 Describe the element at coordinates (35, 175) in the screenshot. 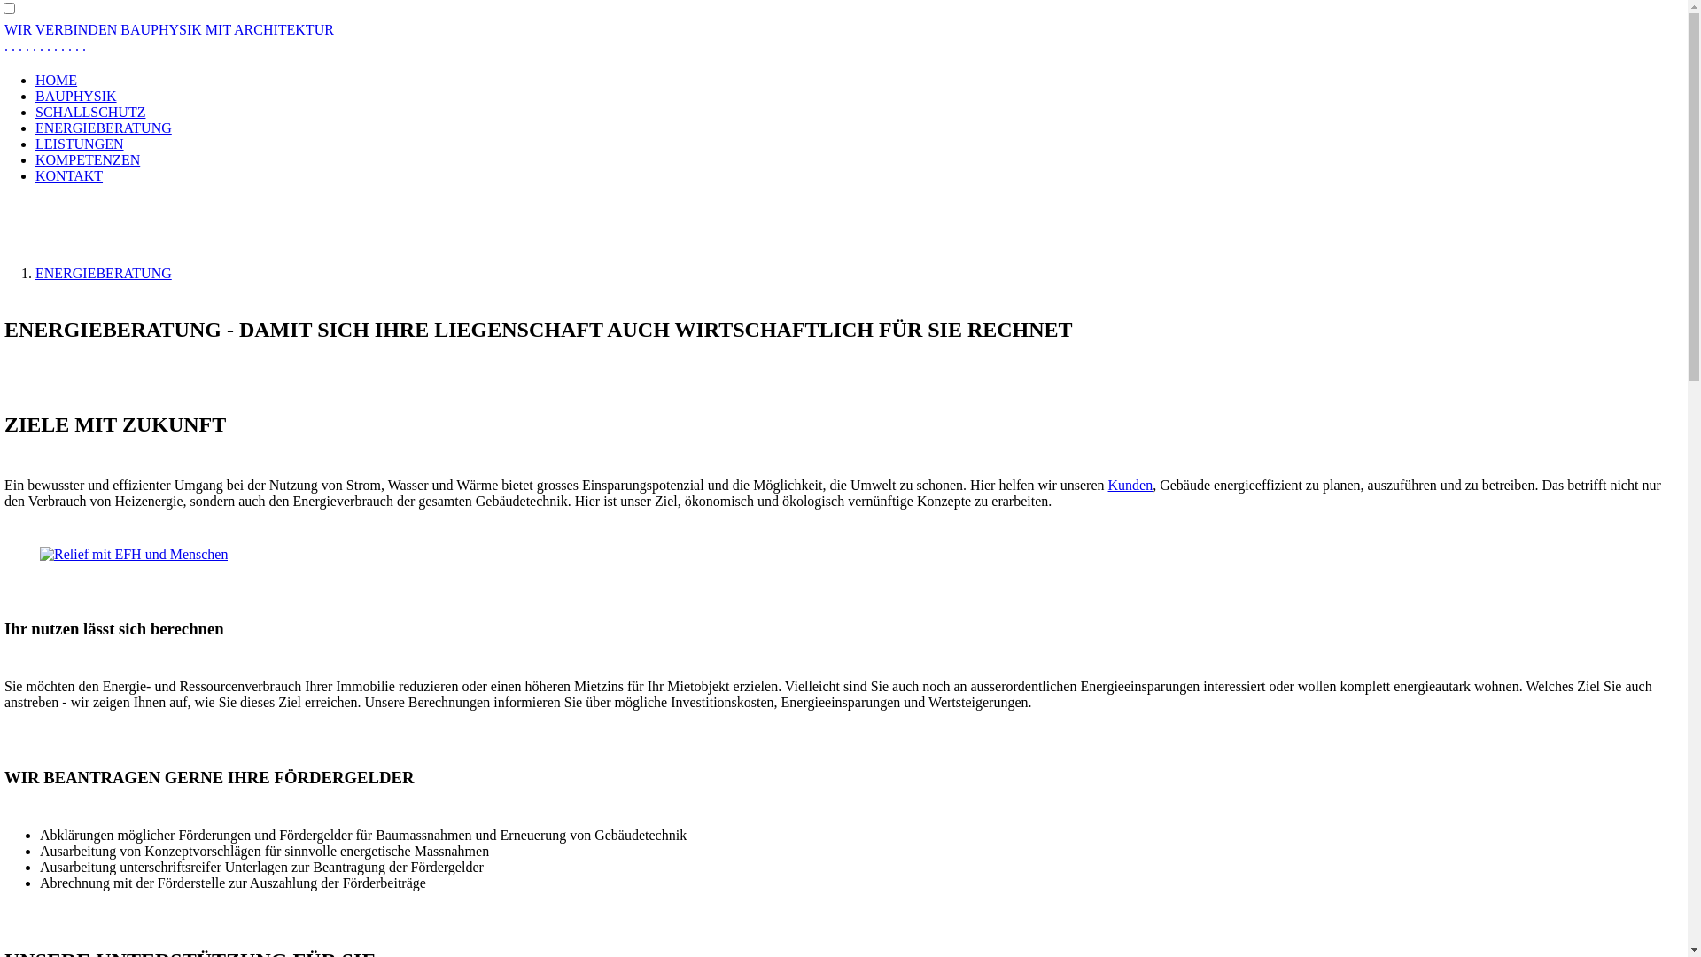

I see `'KONTAKT'` at that location.